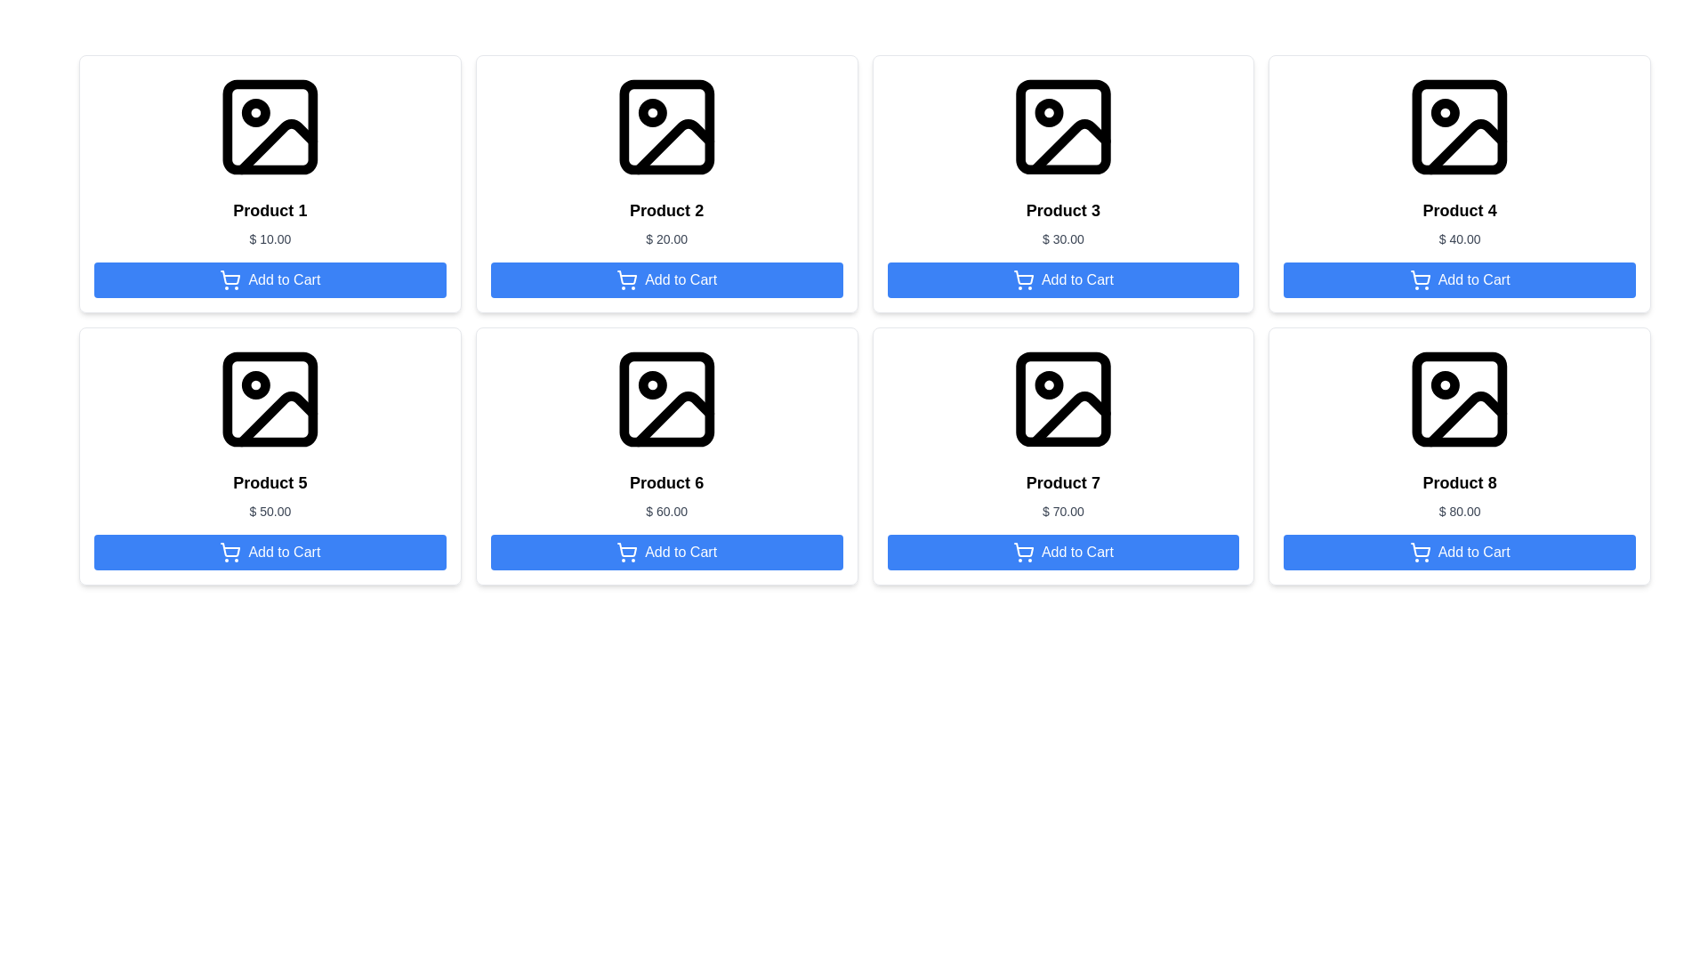  What do you see at coordinates (665, 280) in the screenshot?
I see `the 'Add to Cart' button with a blue background and white text, located at the bottom of the 'Product 2' card` at bounding box center [665, 280].